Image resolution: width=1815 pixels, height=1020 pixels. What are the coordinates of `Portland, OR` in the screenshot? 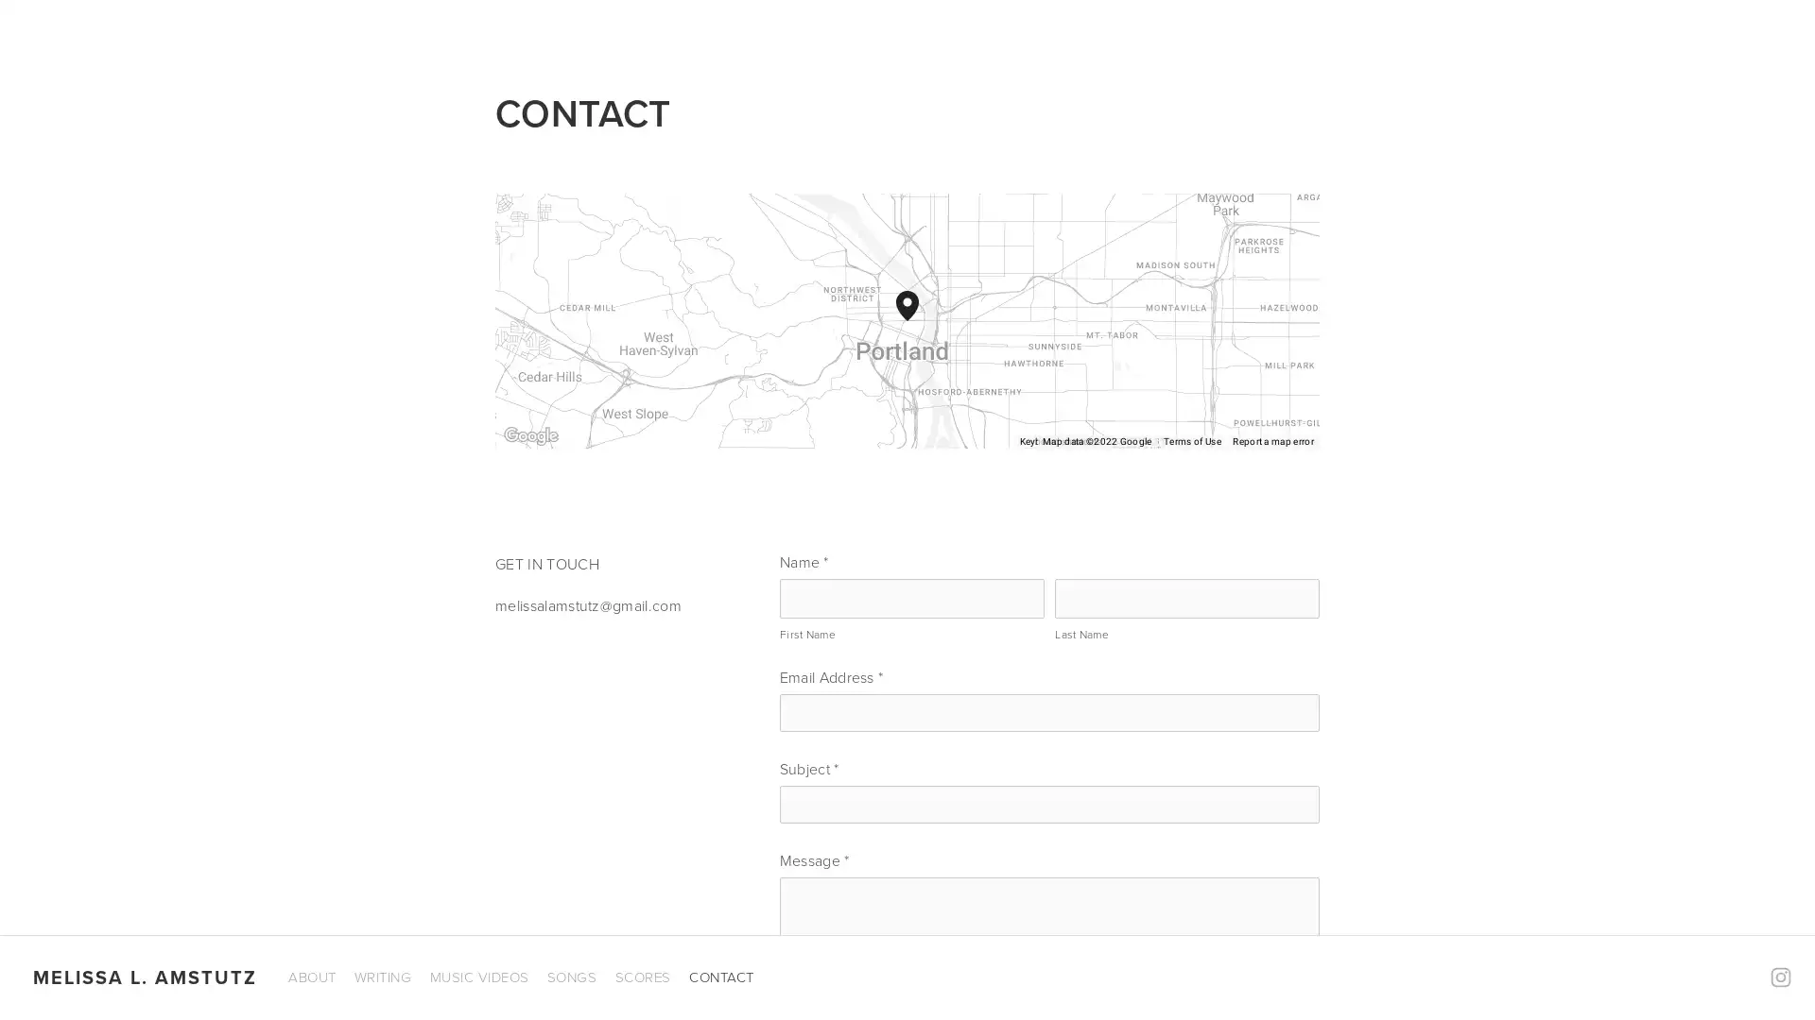 It's located at (919, 319).